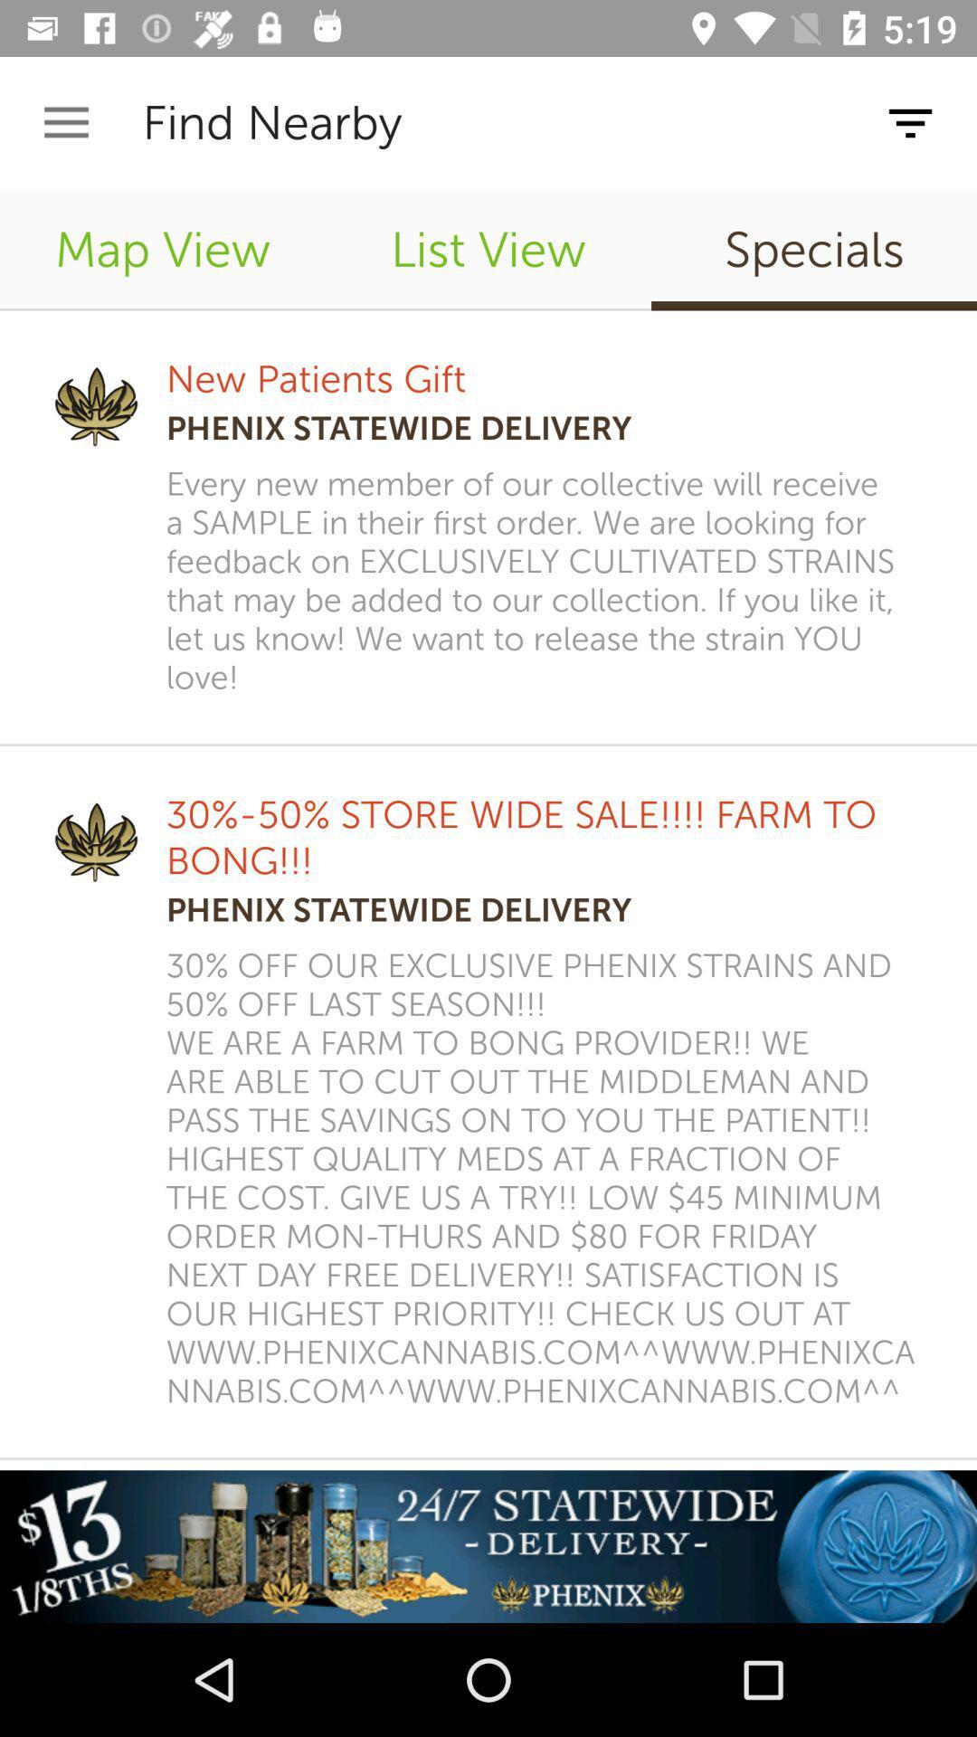  I want to click on icon above phenix statewide delivery item, so click(315, 378).